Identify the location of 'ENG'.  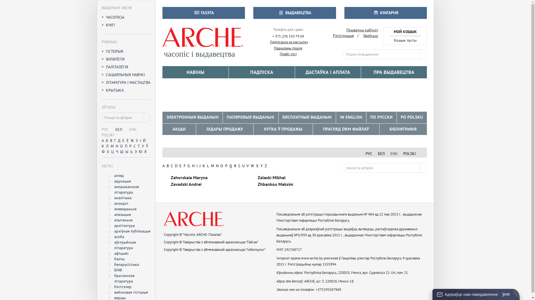
(132, 129).